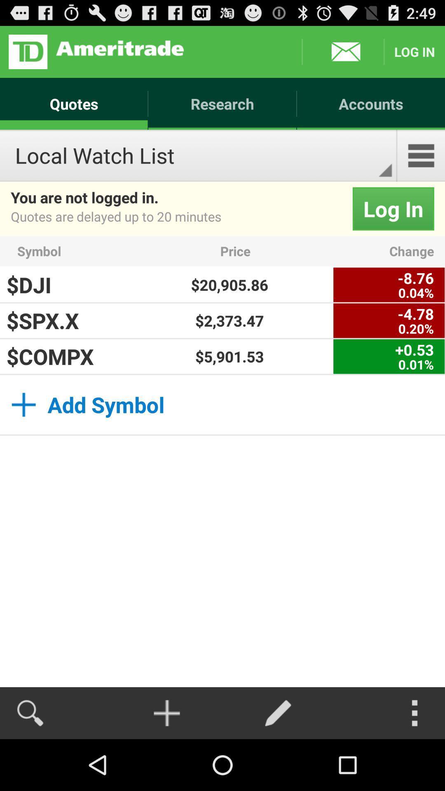 The height and width of the screenshot is (791, 445). I want to click on icon next to $compx, so click(230, 356).